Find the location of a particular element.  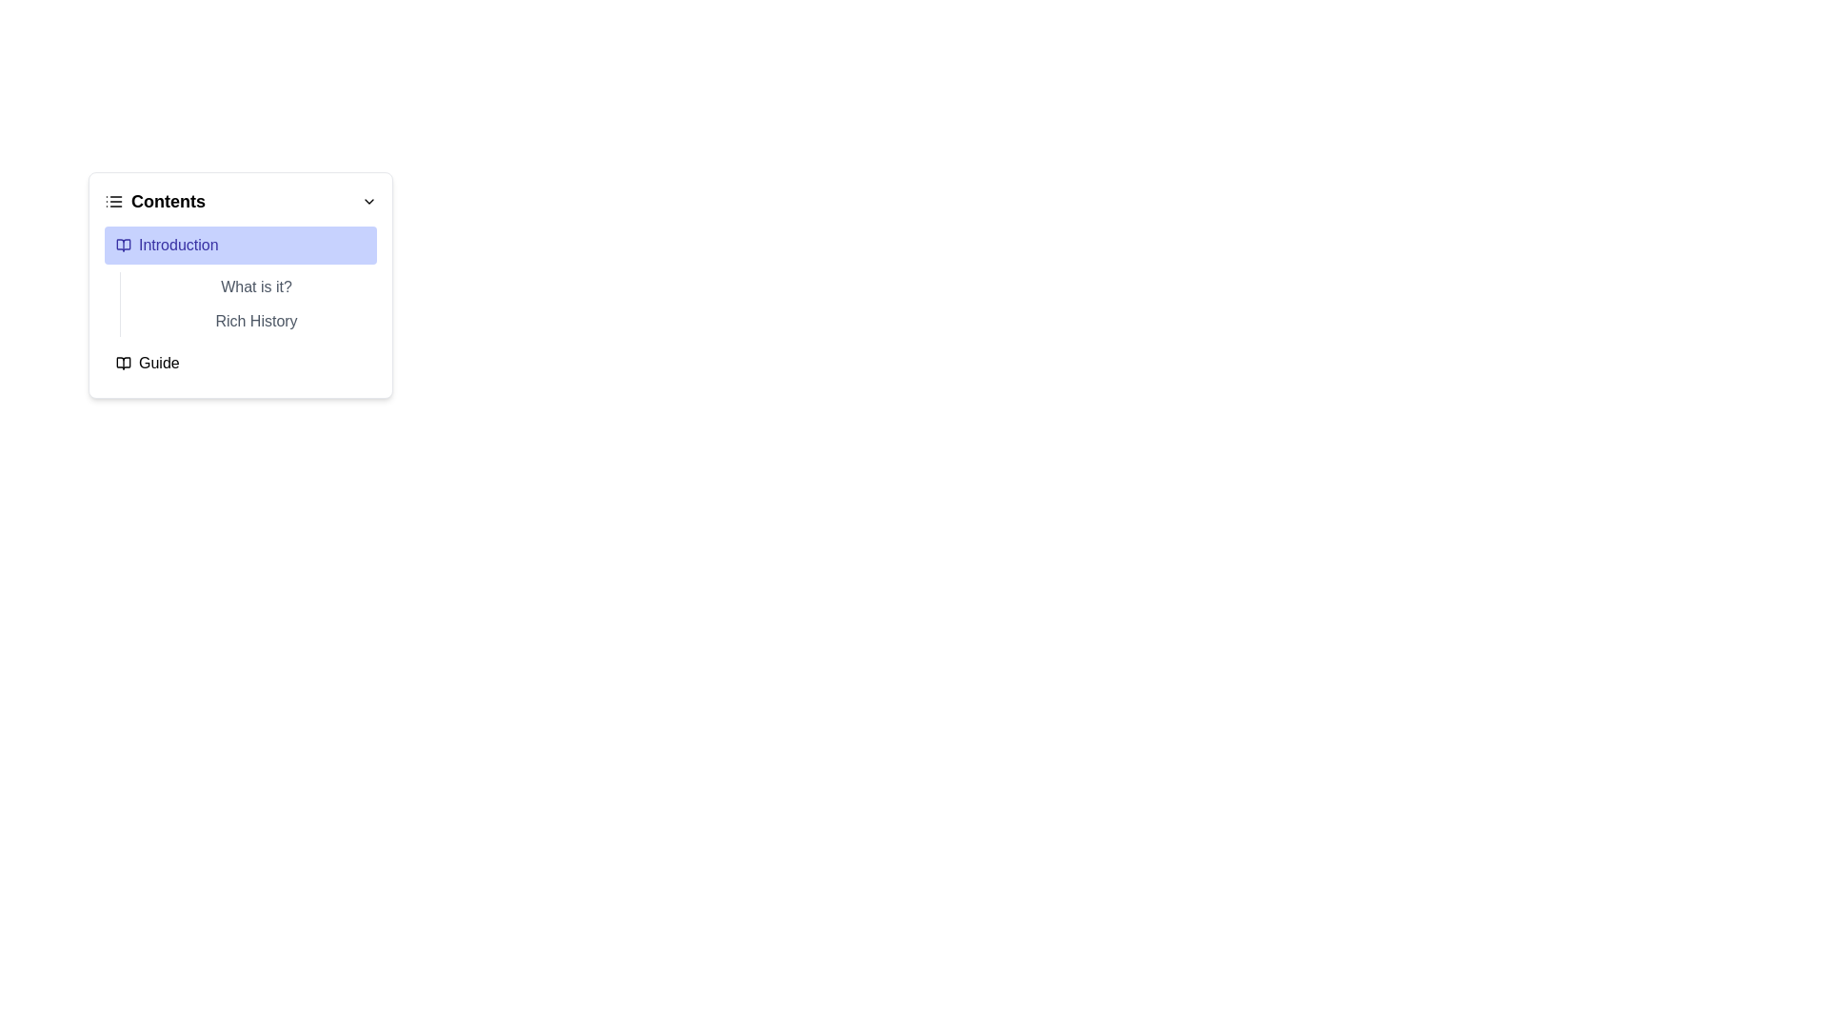

the 'Guide' navigation link in the sidebar menu is located at coordinates (240, 363).